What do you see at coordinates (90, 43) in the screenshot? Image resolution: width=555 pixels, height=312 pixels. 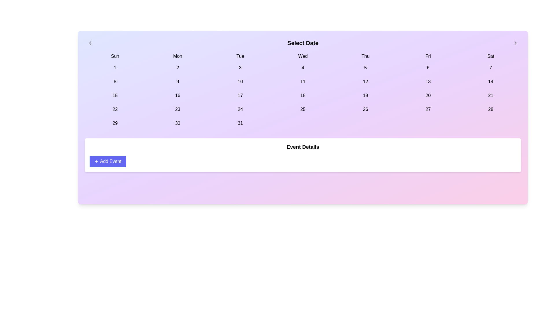 I see `the circular button with a chevron-left icon located in the top left corner of the date selection interface` at bounding box center [90, 43].